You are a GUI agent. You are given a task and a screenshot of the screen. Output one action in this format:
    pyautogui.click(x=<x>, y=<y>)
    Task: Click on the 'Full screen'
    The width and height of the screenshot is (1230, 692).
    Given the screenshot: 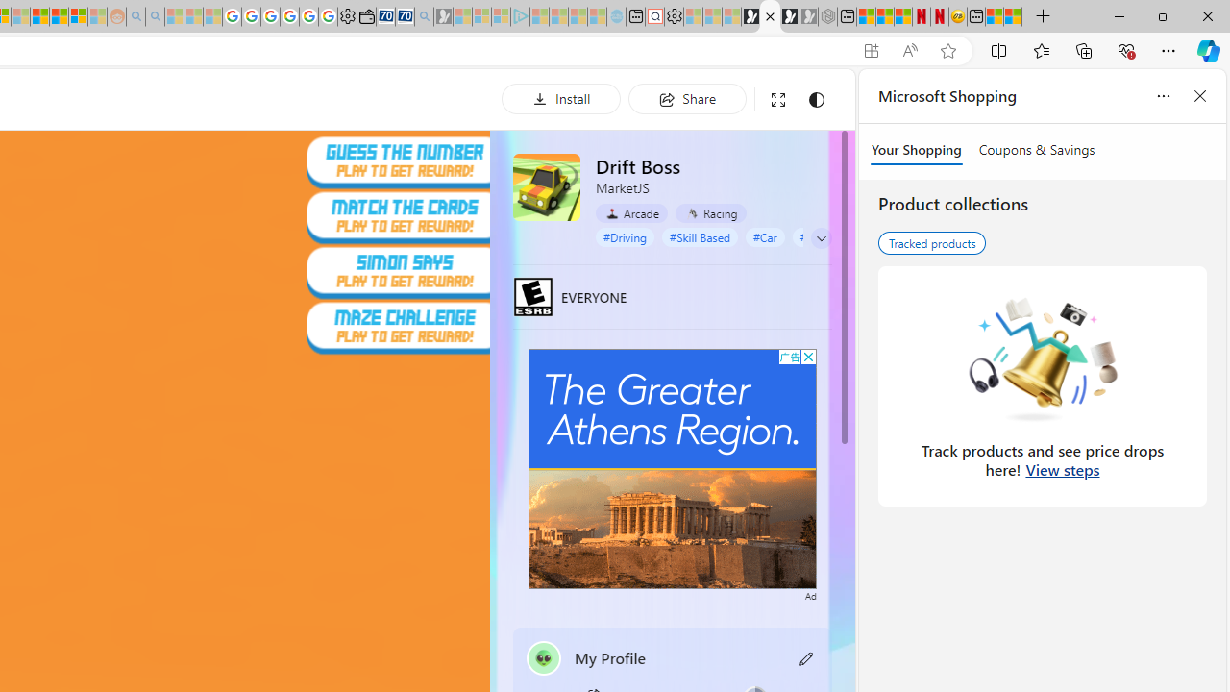 What is the action you would take?
    pyautogui.click(x=778, y=99)
    